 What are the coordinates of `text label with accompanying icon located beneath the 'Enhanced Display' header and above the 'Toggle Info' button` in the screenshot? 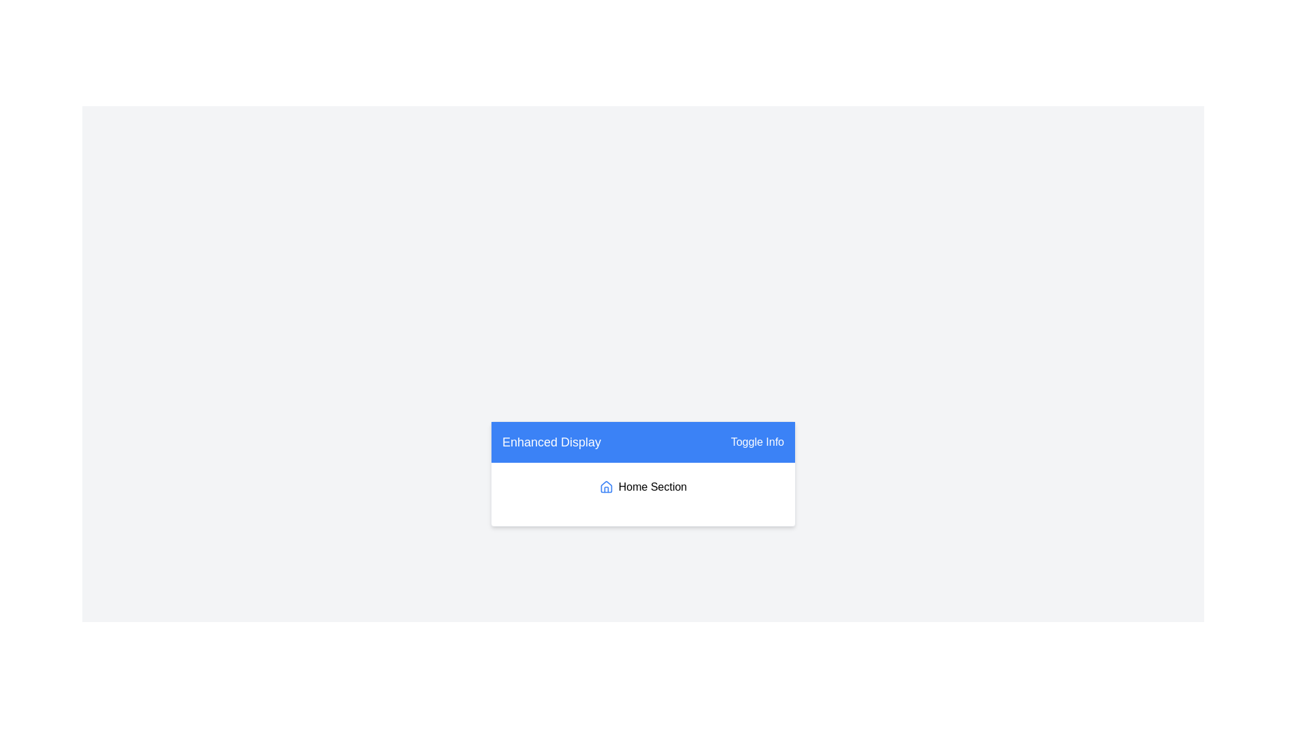 It's located at (643, 493).